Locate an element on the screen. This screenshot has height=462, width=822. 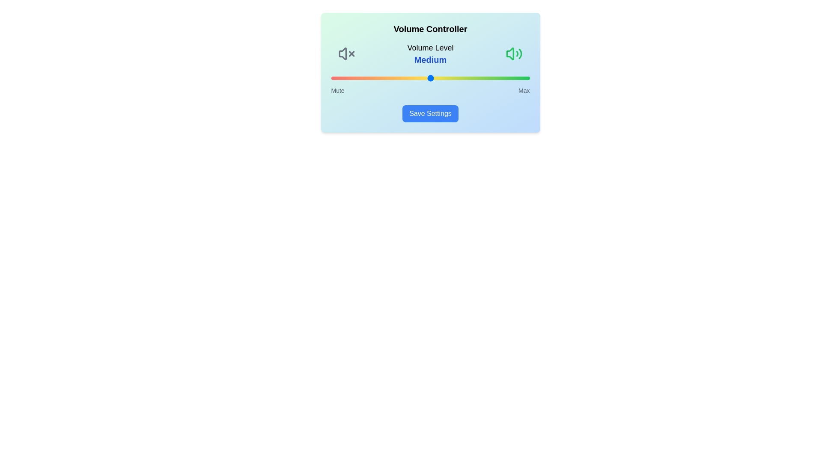
the volume slider to set the volume level to 23 is located at coordinates (377, 78).